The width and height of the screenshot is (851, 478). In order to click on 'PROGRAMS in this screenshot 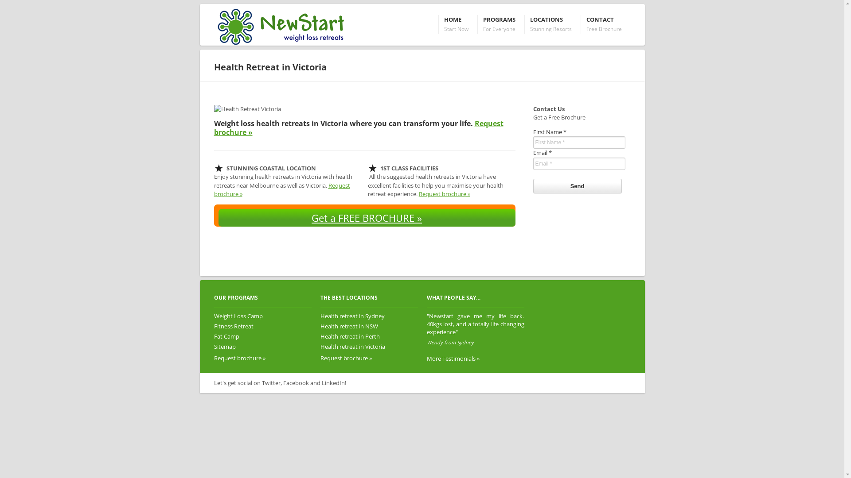, I will do `click(499, 24)`.